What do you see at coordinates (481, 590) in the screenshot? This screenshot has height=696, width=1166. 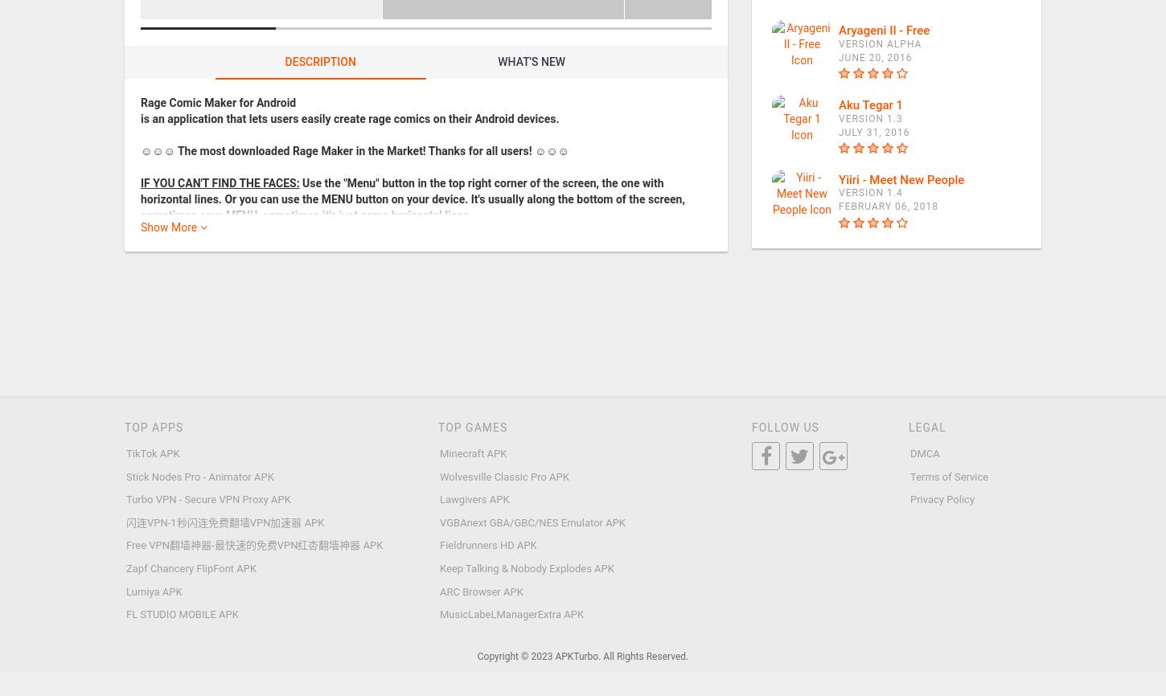 I see `'ARC Browser APK'` at bounding box center [481, 590].